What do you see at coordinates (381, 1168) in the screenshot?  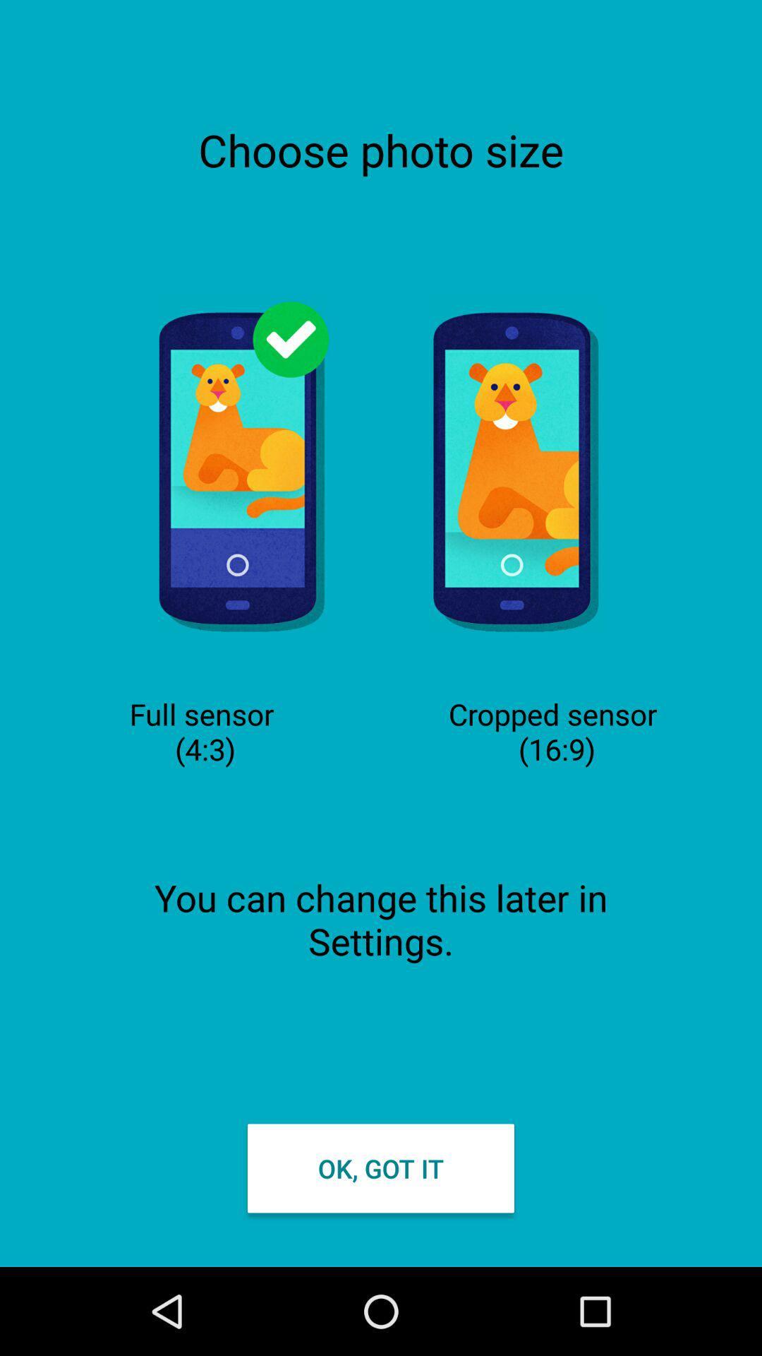 I see `the ok, got it` at bounding box center [381, 1168].